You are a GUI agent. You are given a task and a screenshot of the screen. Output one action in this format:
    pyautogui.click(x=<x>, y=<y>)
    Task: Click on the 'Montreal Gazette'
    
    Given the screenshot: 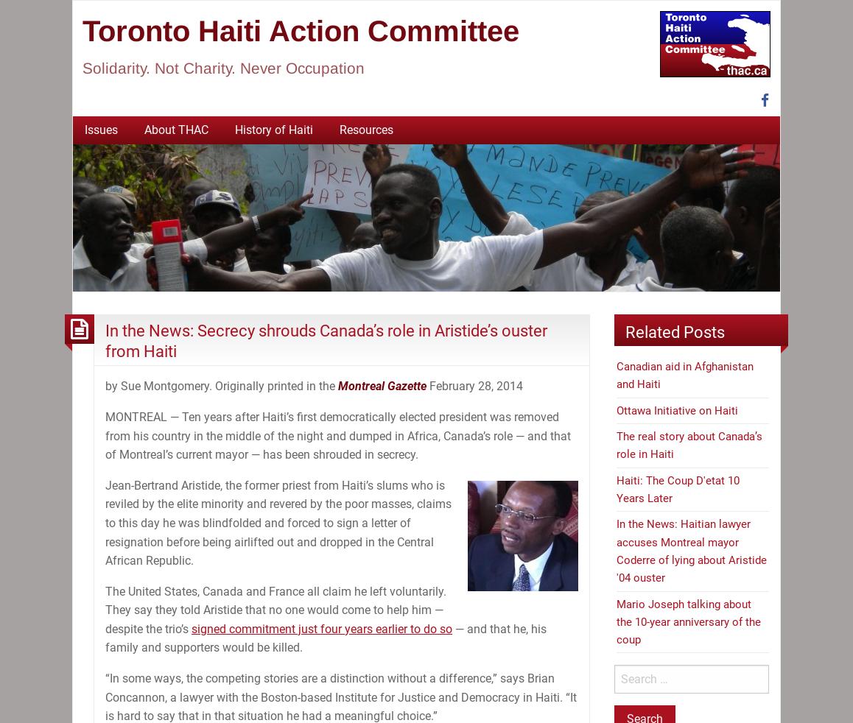 What is the action you would take?
    pyautogui.click(x=382, y=385)
    